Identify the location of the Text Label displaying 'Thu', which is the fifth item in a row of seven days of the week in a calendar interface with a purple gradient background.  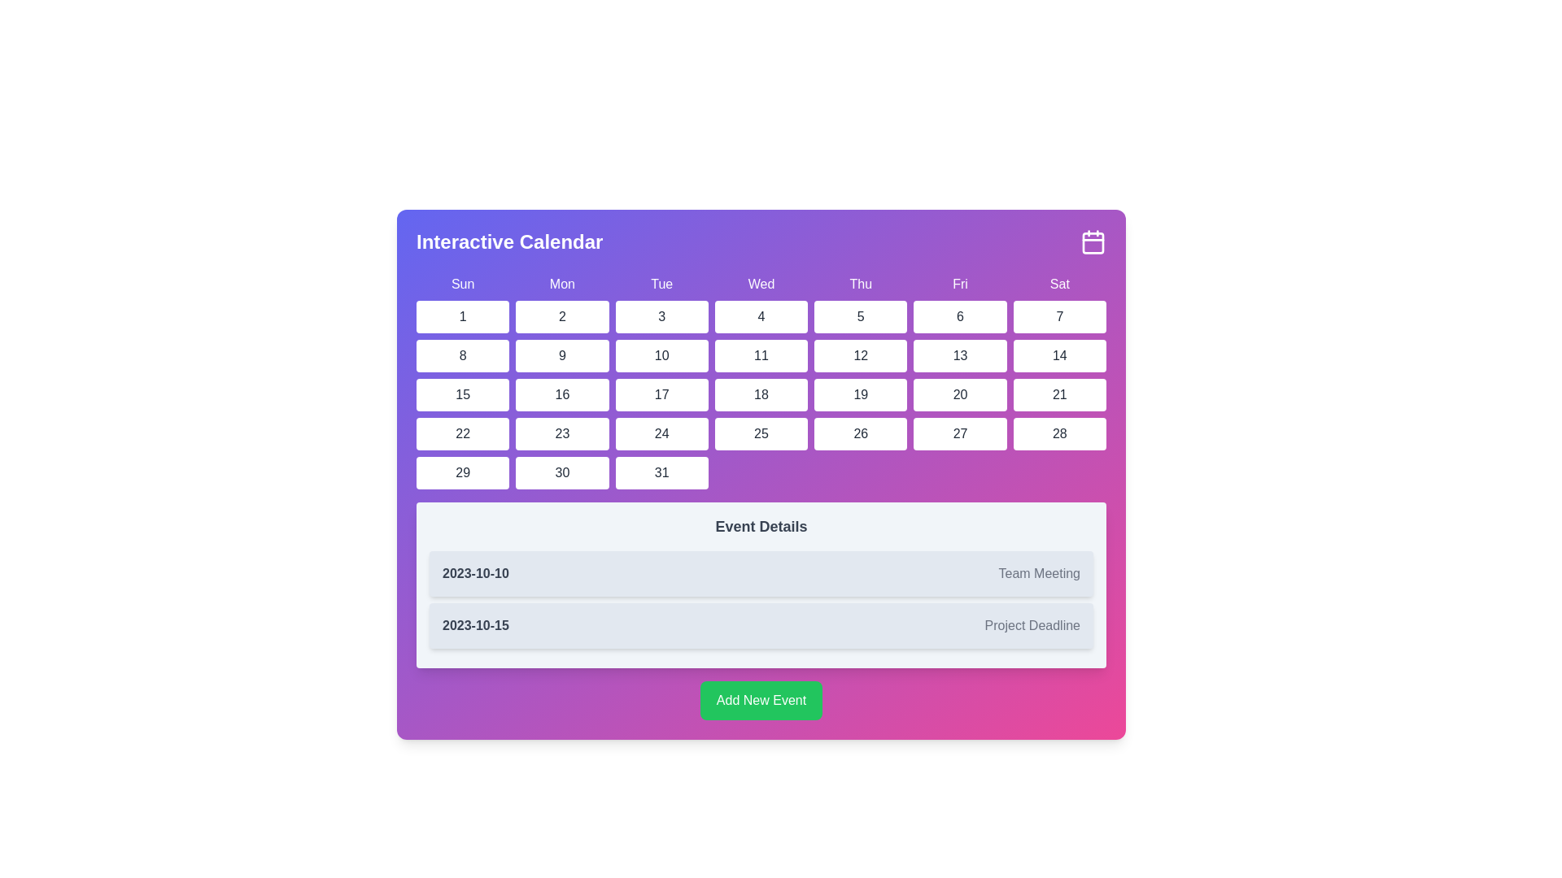
(860, 284).